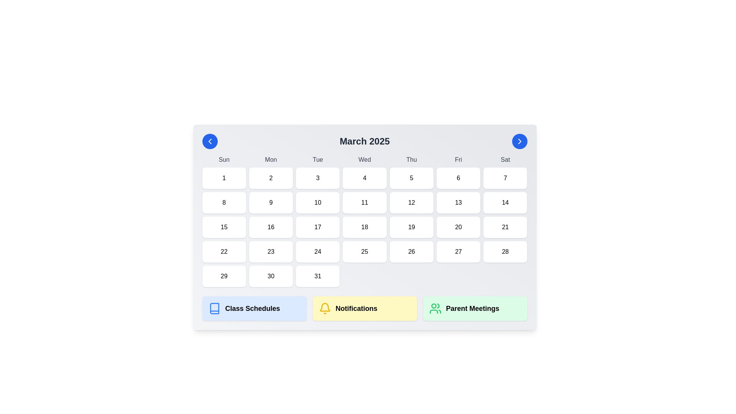 The width and height of the screenshot is (736, 414). What do you see at coordinates (318, 159) in the screenshot?
I see `the text label displaying 'Tue' in gray color, which is the third weekday label in a calendar interface, positioned between 'Mon' and 'Wed'` at bounding box center [318, 159].